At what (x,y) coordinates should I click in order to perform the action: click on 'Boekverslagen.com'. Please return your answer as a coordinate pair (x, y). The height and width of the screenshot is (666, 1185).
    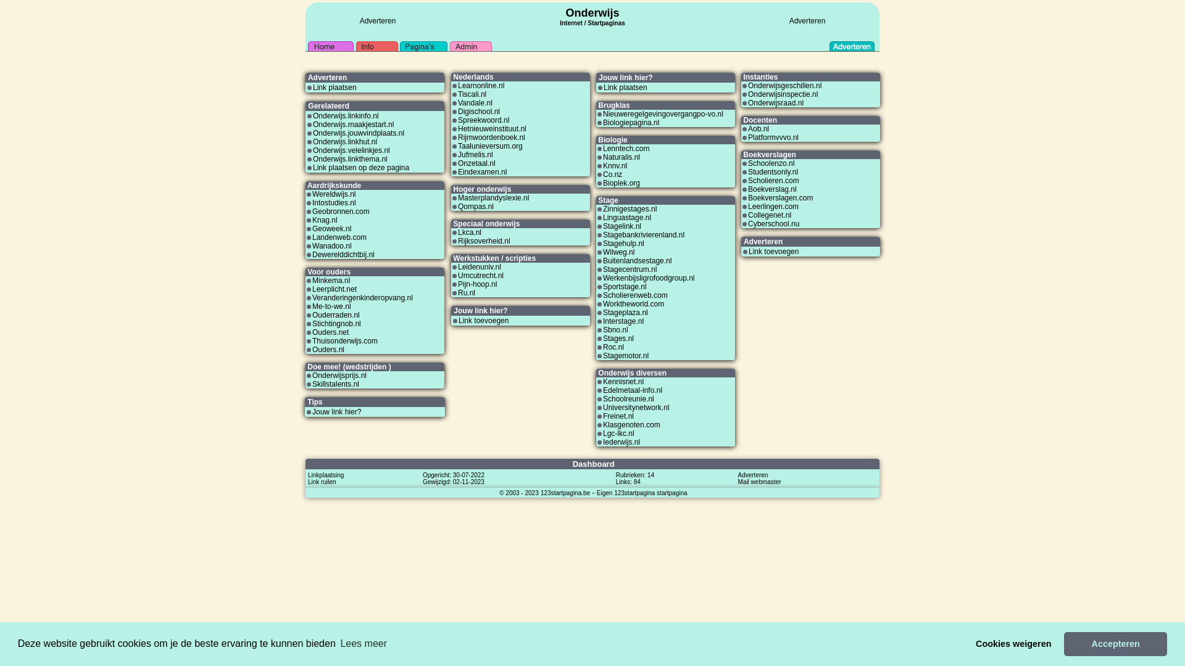
    Looking at the image, I should click on (780, 197).